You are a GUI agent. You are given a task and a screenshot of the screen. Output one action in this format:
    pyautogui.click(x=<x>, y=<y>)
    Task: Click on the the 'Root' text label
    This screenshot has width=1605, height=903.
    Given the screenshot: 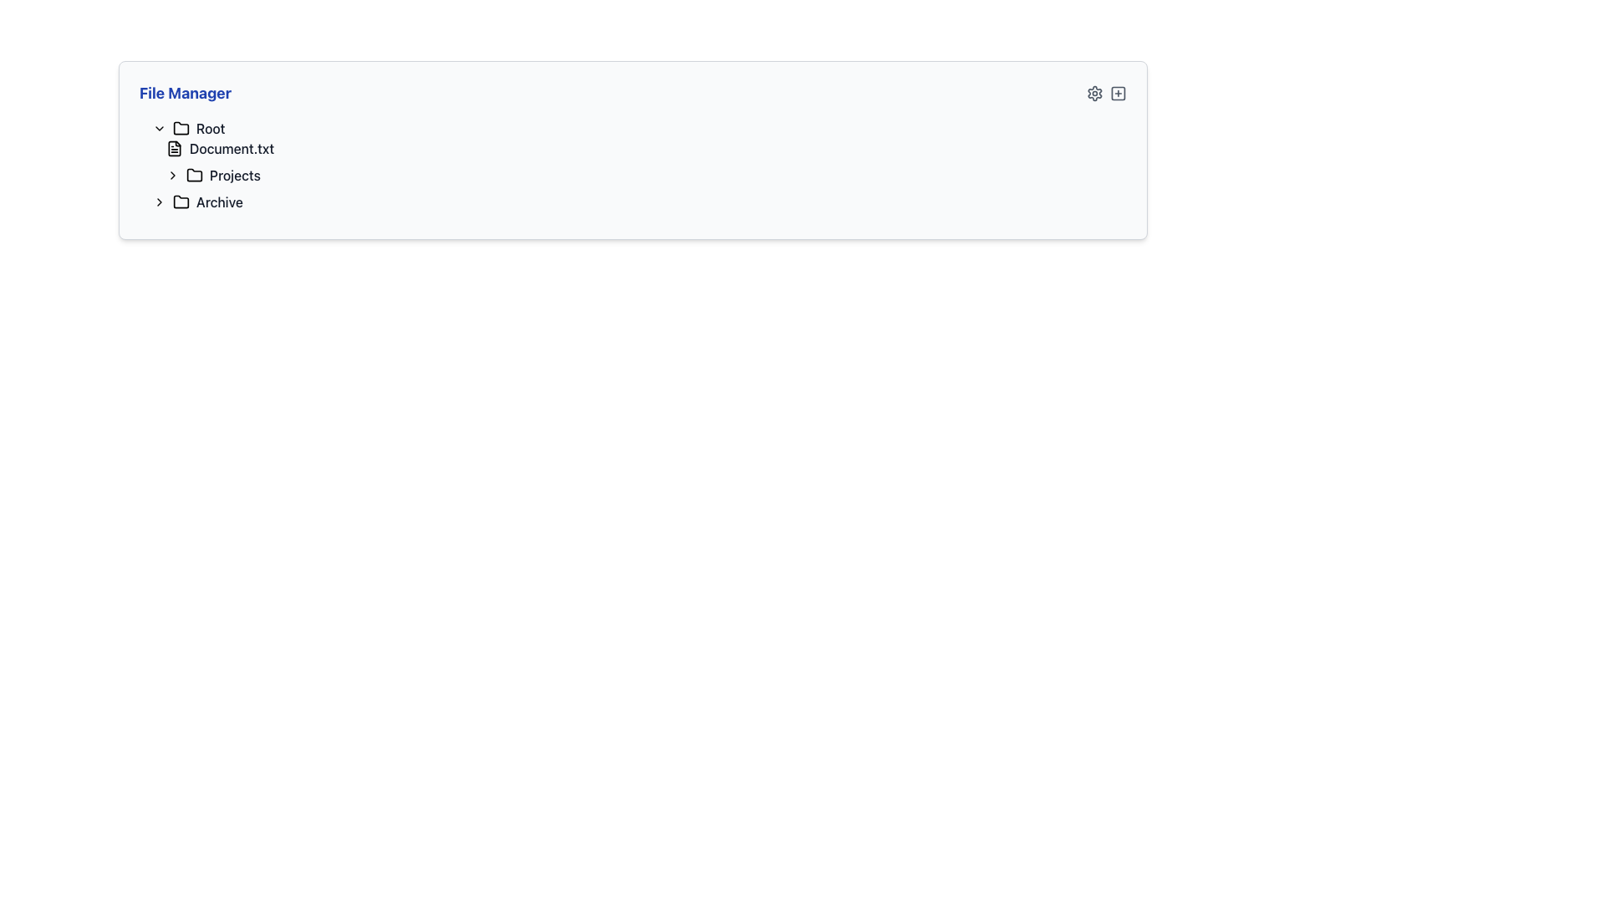 What is the action you would take?
    pyautogui.click(x=210, y=128)
    